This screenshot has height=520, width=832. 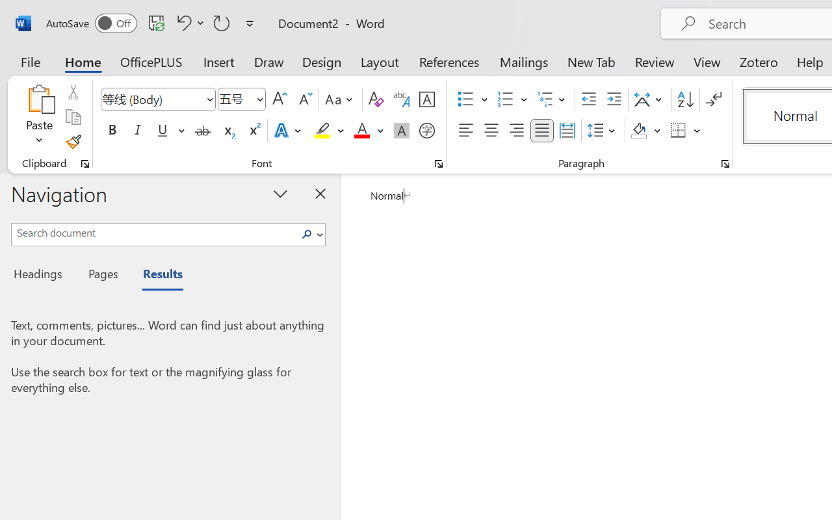 I want to click on 'View', so click(x=707, y=61).